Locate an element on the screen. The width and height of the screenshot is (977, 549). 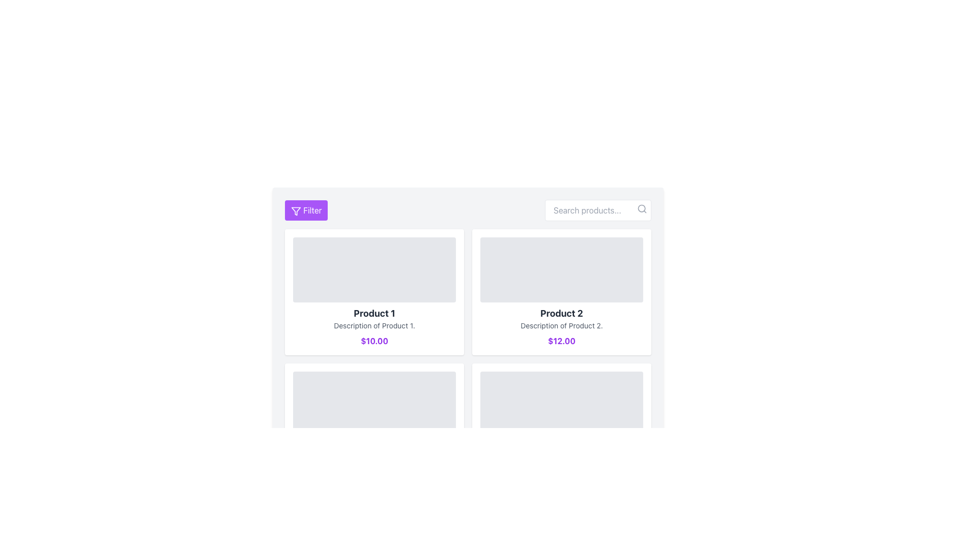
the appearance of the triangular-shaped filter icon located within the purple 'Filter' button in the upper-left corner of the interface is located at coordinates (295, 210).